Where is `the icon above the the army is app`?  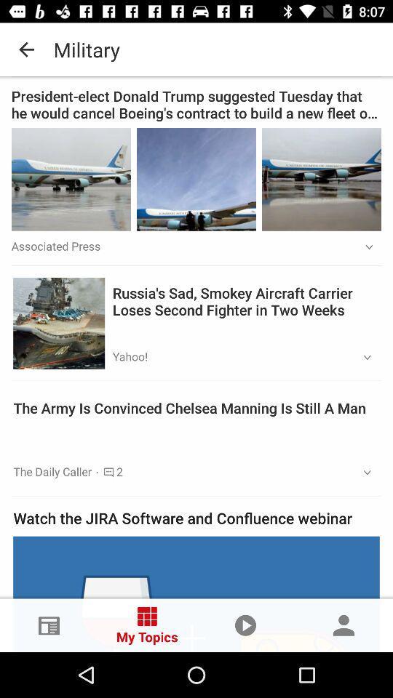 the icon above the the army is app is located at coordinates (362, 357).